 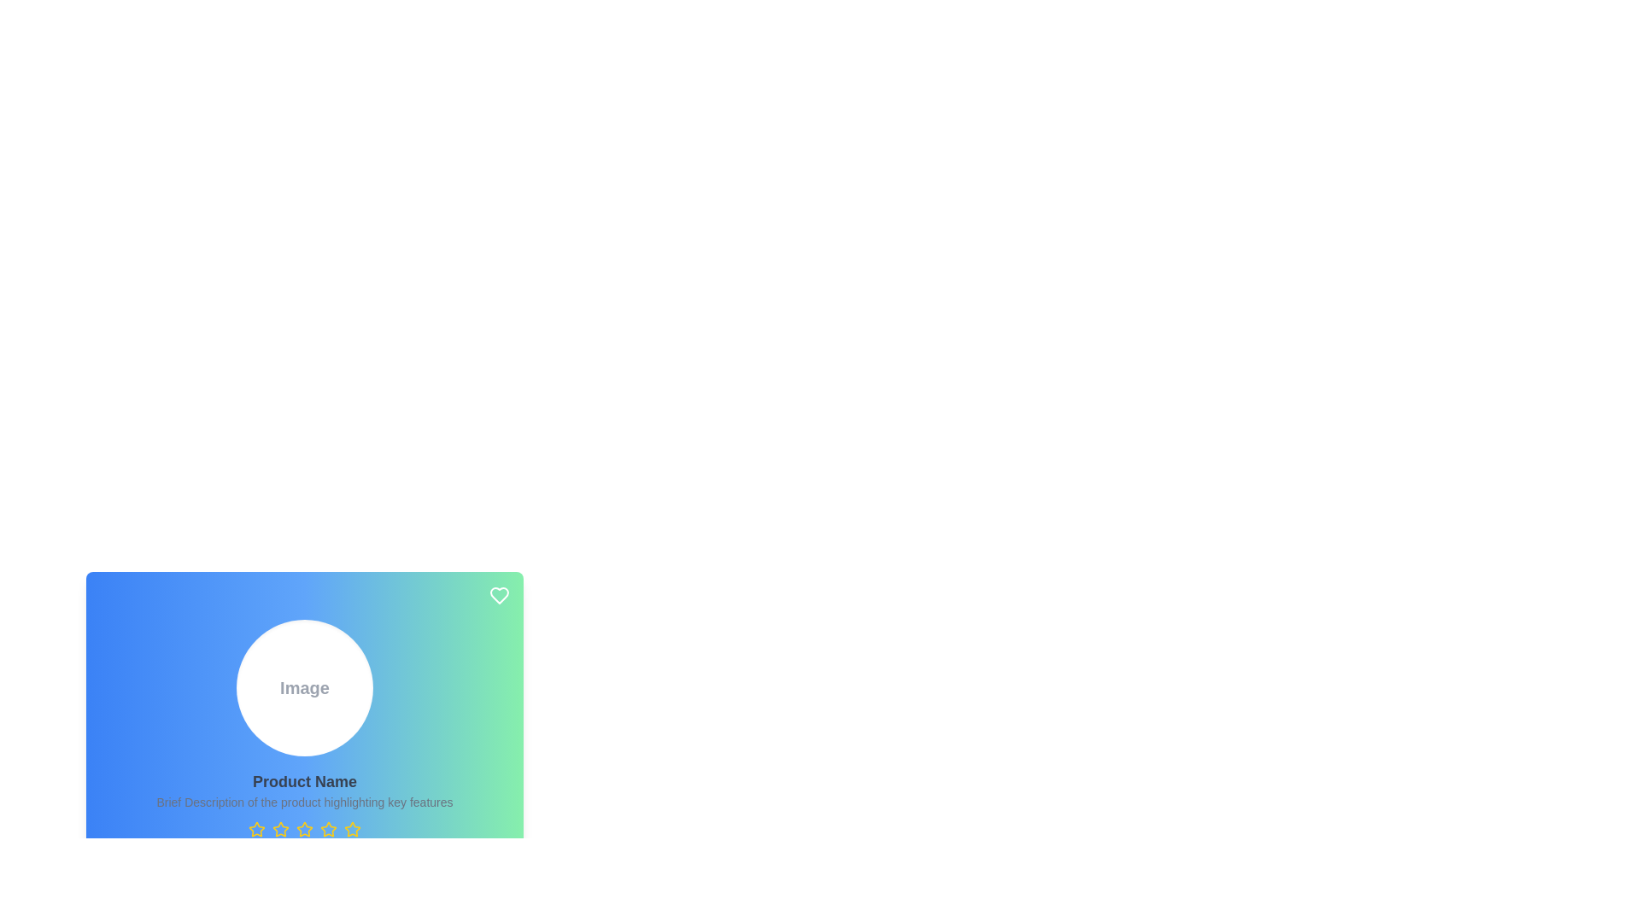 What do you see at coordinates (304, 829) in the screenshot?
I see `the fifth rating star icon` at bounding box center [304, 829].